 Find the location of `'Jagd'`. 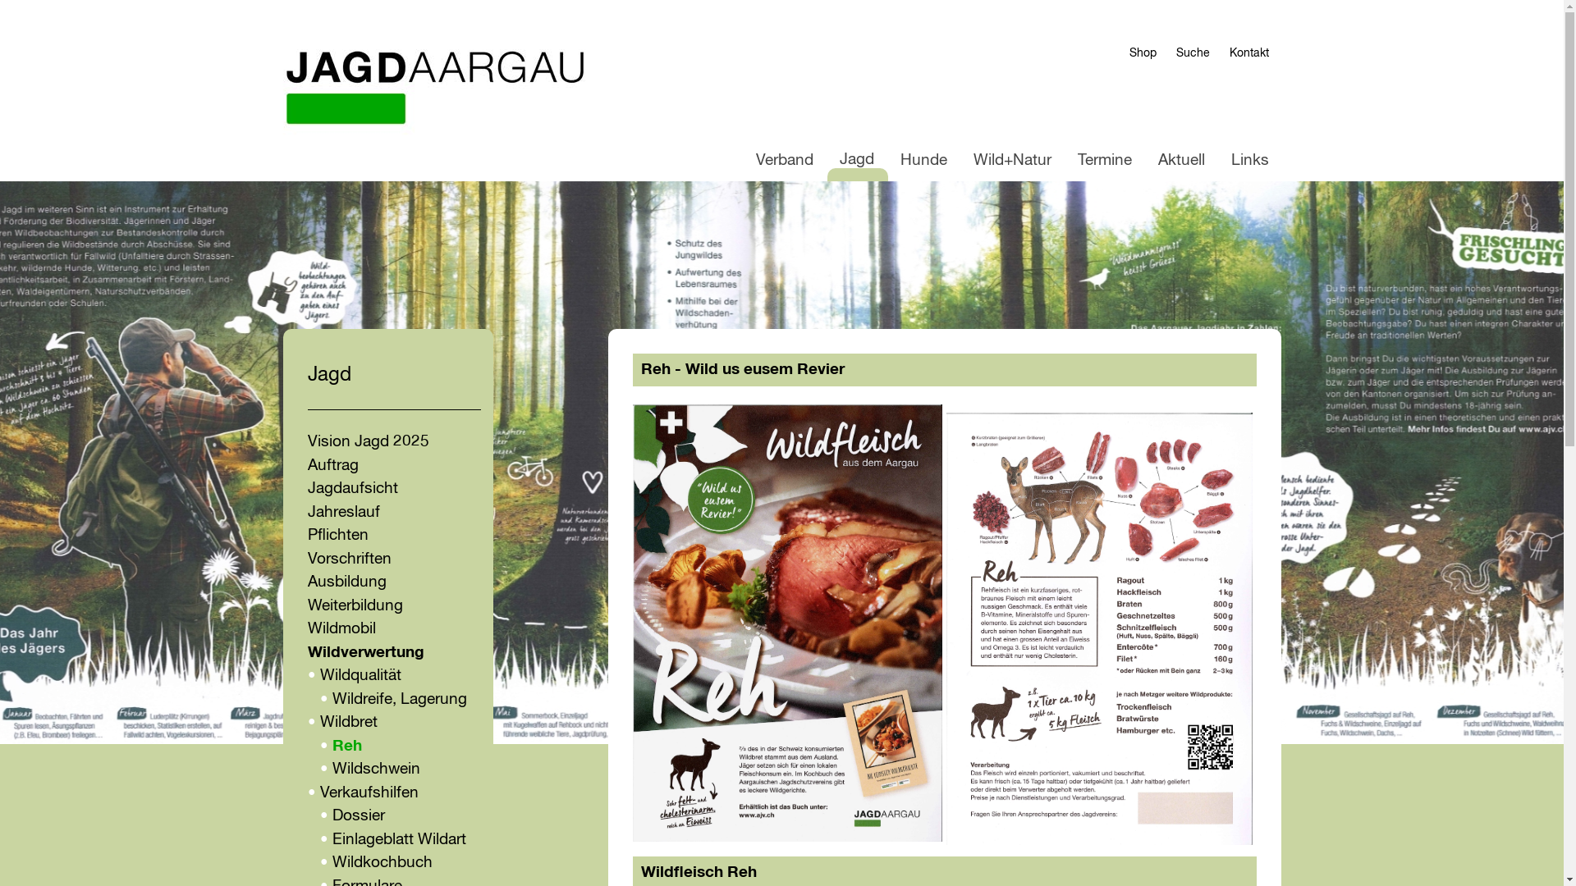

'Jagd' is located at coordinates (855, 160).